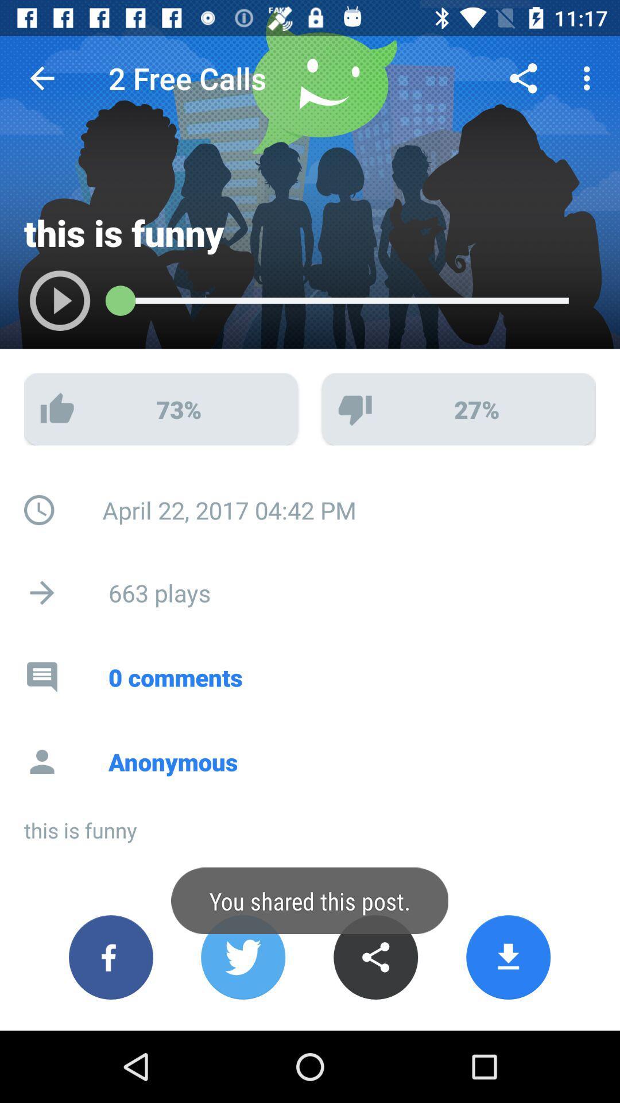 This screenshot has height=1103, width=620. What do you see at coordinates (507, 957) in the screenshot?
I see `download the ringtone` at bounding box center [507, 957].